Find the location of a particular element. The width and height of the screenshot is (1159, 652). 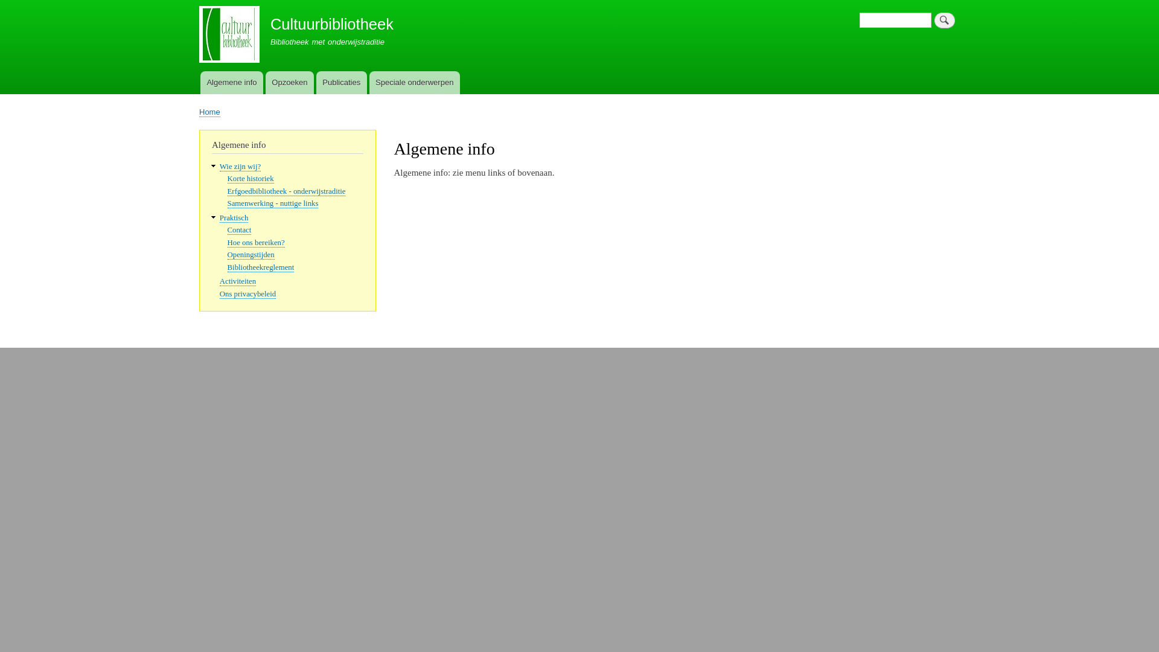

'Cultuurbibliotheek' is located at coordinates (332, 24).